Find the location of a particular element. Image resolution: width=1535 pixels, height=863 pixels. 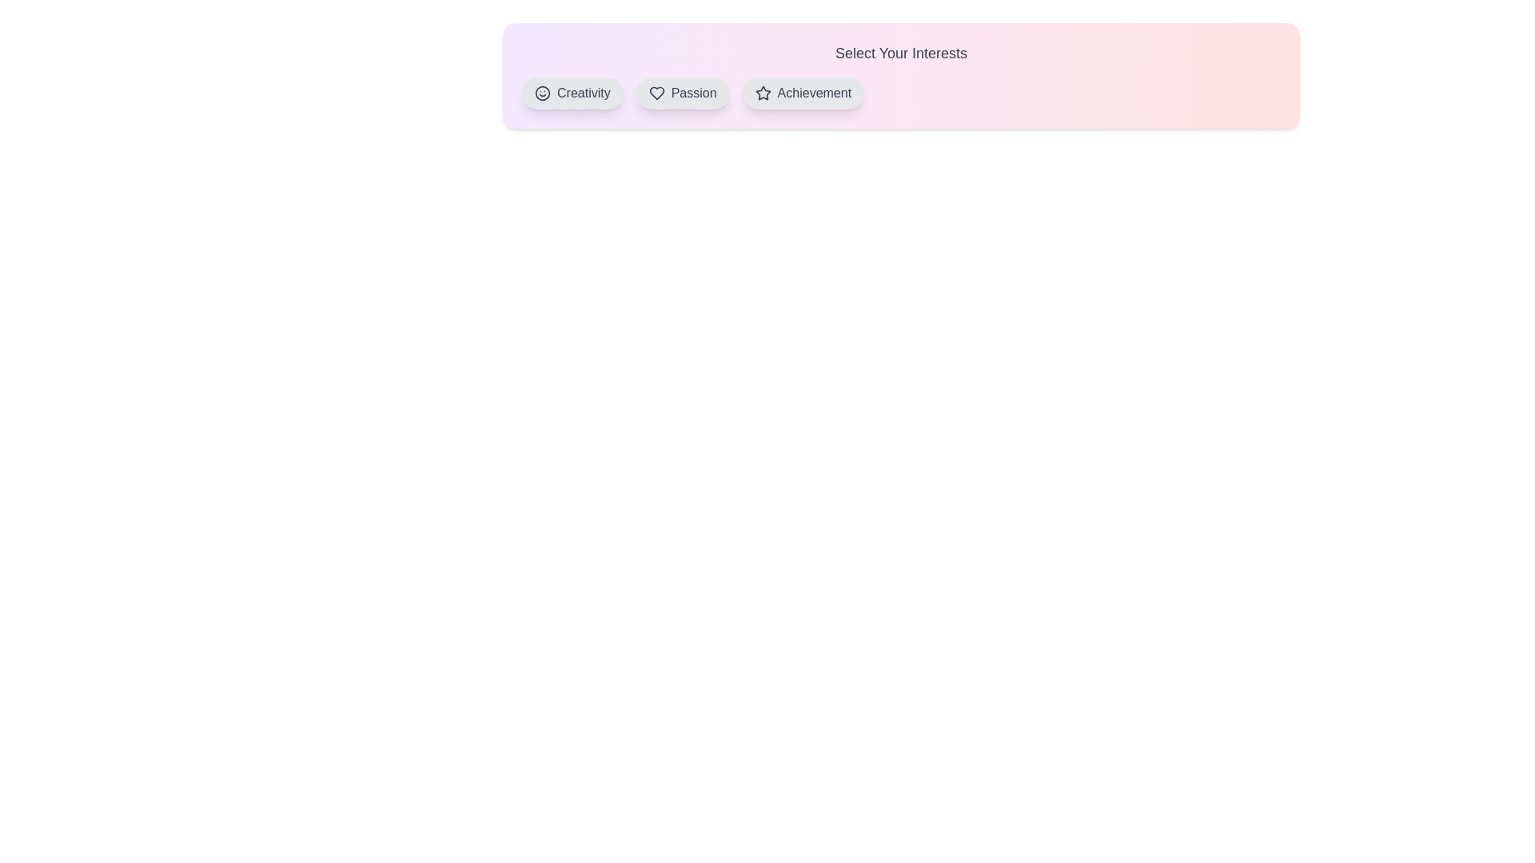

the Passion button to observe hover effects is located at coordinates (683, 93).